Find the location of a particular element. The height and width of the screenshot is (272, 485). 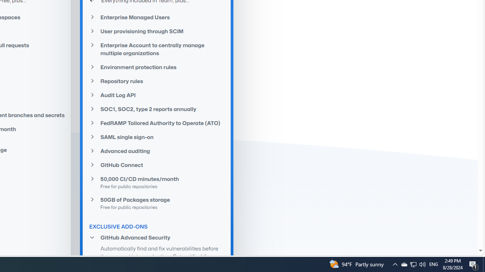

'Repository rules' is located at coordinates (156, 81).